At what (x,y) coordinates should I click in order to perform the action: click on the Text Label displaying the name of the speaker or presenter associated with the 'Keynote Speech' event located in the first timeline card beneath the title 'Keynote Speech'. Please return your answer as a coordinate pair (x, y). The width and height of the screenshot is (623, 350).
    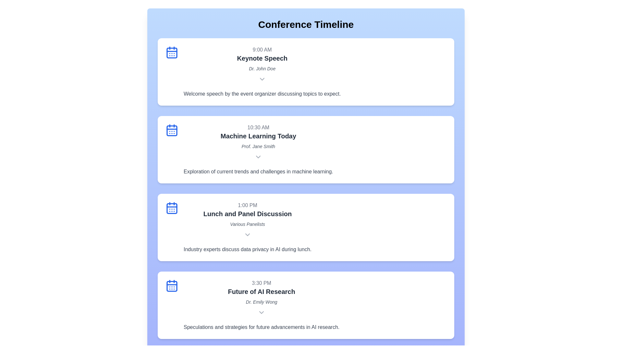
    Looking at the image, I should click on (262, 69).